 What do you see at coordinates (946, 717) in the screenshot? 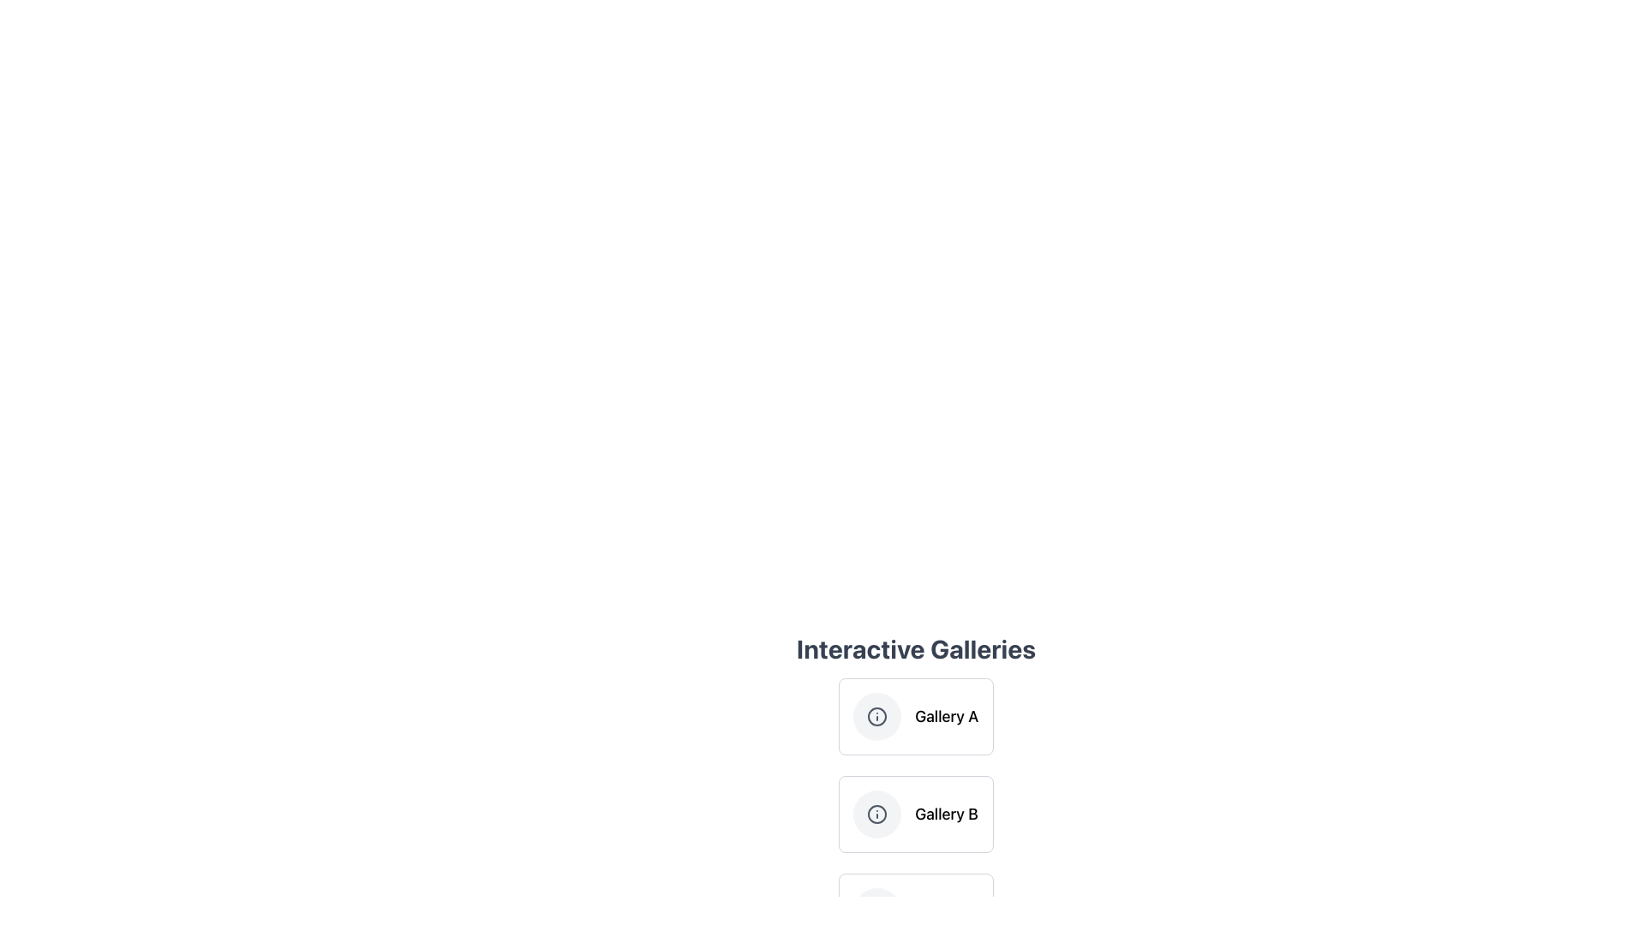
I see `the descriptive label for 'Gallery A', located to the right of the circular icon with an 'i' symbol in the 'Interactive Galleries' section` at bounding box center [946, 717].